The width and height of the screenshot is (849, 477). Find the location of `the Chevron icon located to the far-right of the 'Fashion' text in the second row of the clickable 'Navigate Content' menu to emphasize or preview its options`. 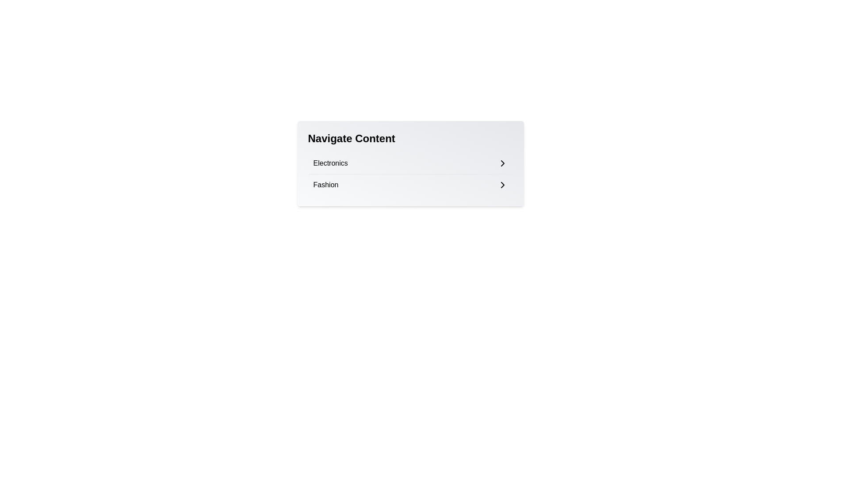

the Chevron icon located to the far-right of the 'Fashion' text in the second row of the clickable 'Navigate Content' menu to emphasize or preview its options is located at coordinates (502, 185).